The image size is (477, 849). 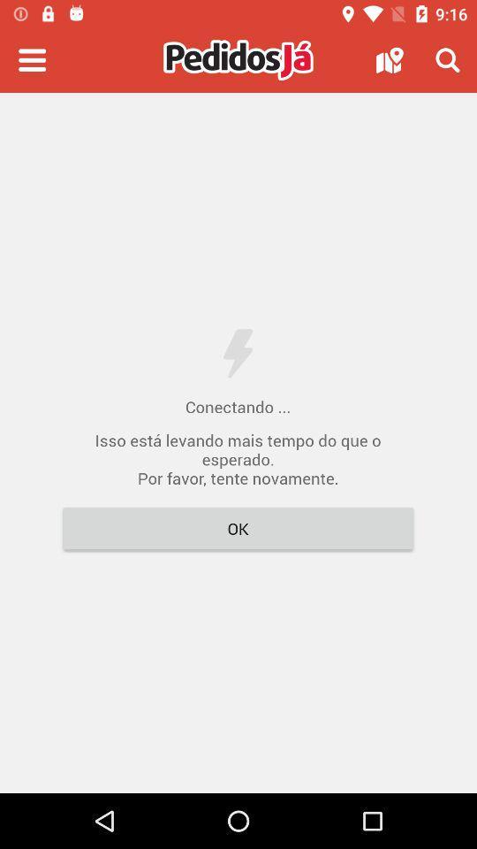 What do you see at coordinates (32, 60) in the screenshot?
I see `menu` at bounding box center [32, 60].